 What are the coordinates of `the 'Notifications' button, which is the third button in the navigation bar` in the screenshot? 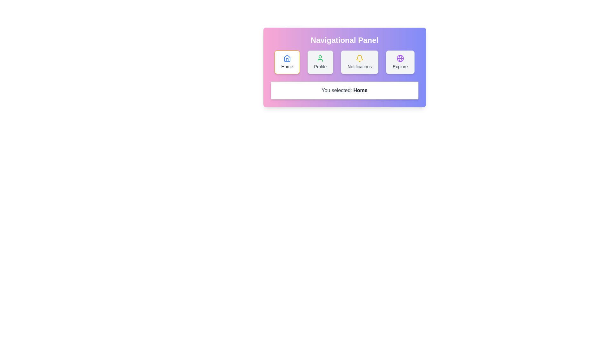 It's located at (360, 62).